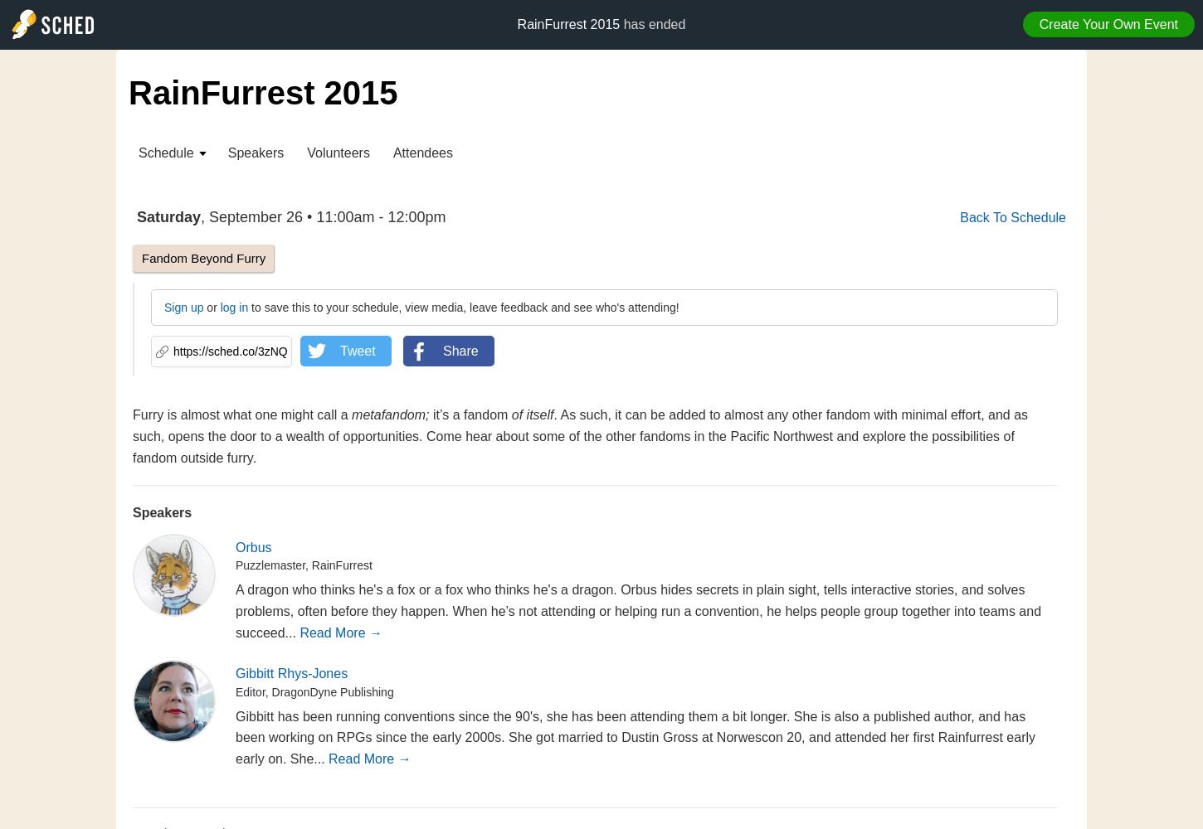 The height and width of the screenshot is (829, 1203). Describe the element at coordinates (220, 307) in the screenshot. I see `'log in'` at that location.